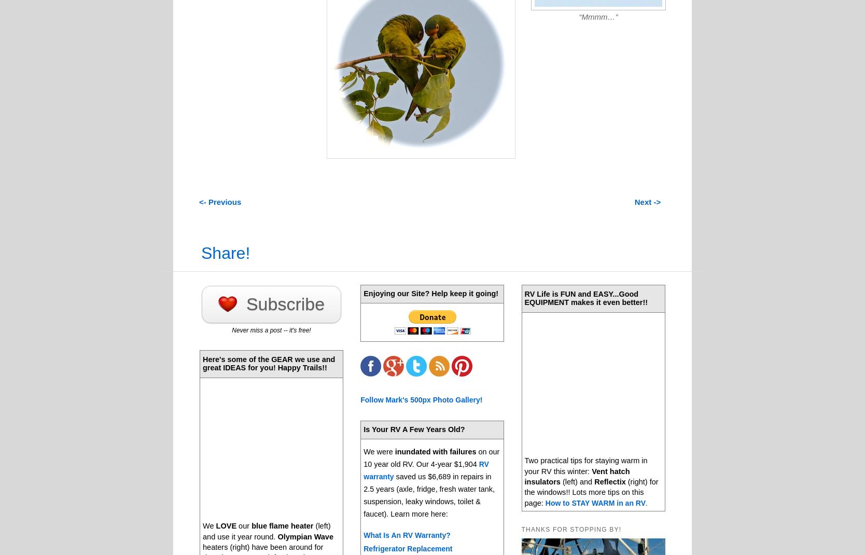 The width and height of the screenshot is (865, 555). I want to click on 'Never miss a post -- it's free!', so click(270, 330).